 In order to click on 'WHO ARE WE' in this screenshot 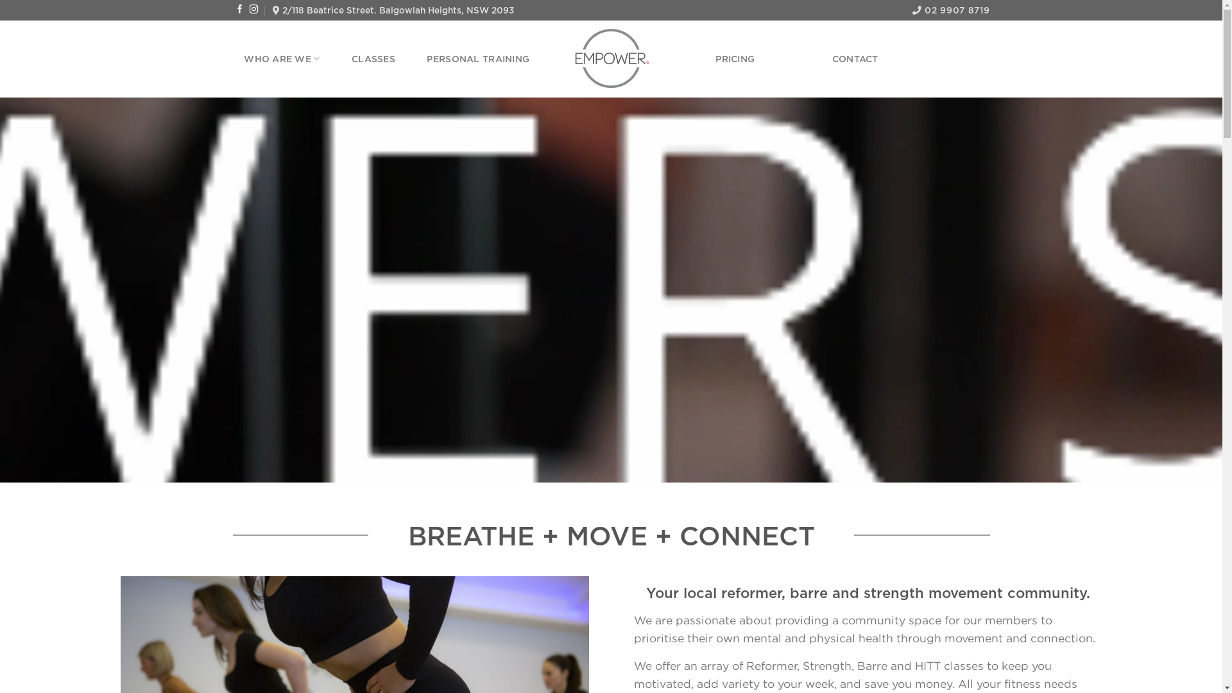, I will do `click(243, 58)`.